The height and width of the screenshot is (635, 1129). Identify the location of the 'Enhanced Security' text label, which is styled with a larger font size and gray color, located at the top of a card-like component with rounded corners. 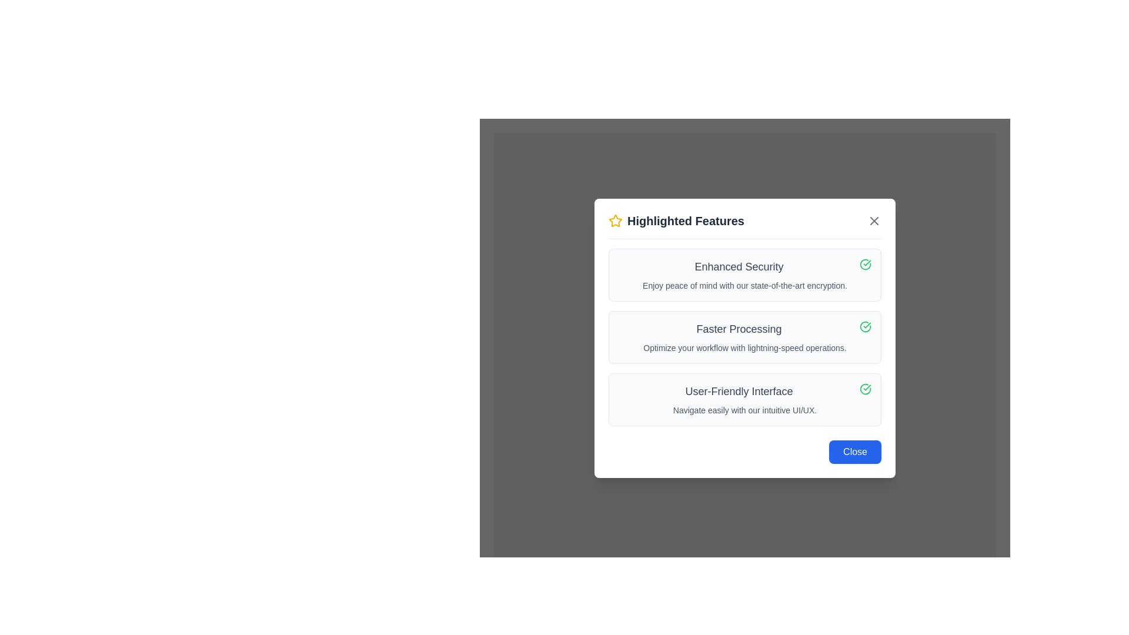
(744, 266).